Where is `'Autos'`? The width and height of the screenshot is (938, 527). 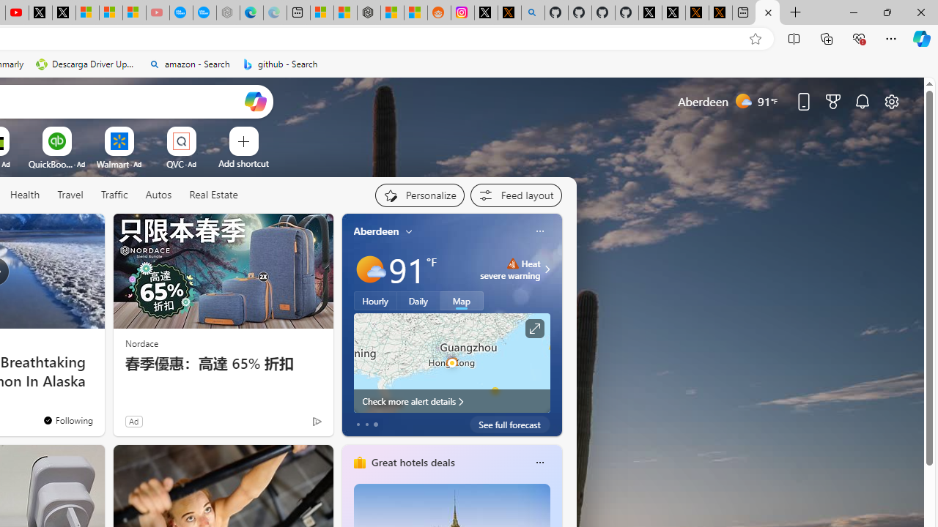
'Autos' is located at coordinates (158, 195).